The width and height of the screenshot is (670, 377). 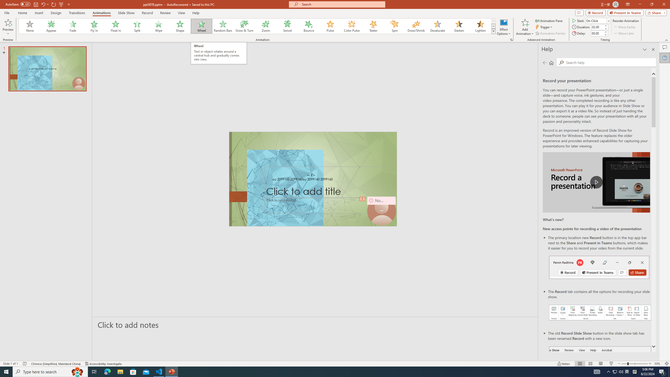 What do you see at coordinates (596, 182) in the screenshot?
I see `'play Record a Presentation'` at bounding box center [596, 182].